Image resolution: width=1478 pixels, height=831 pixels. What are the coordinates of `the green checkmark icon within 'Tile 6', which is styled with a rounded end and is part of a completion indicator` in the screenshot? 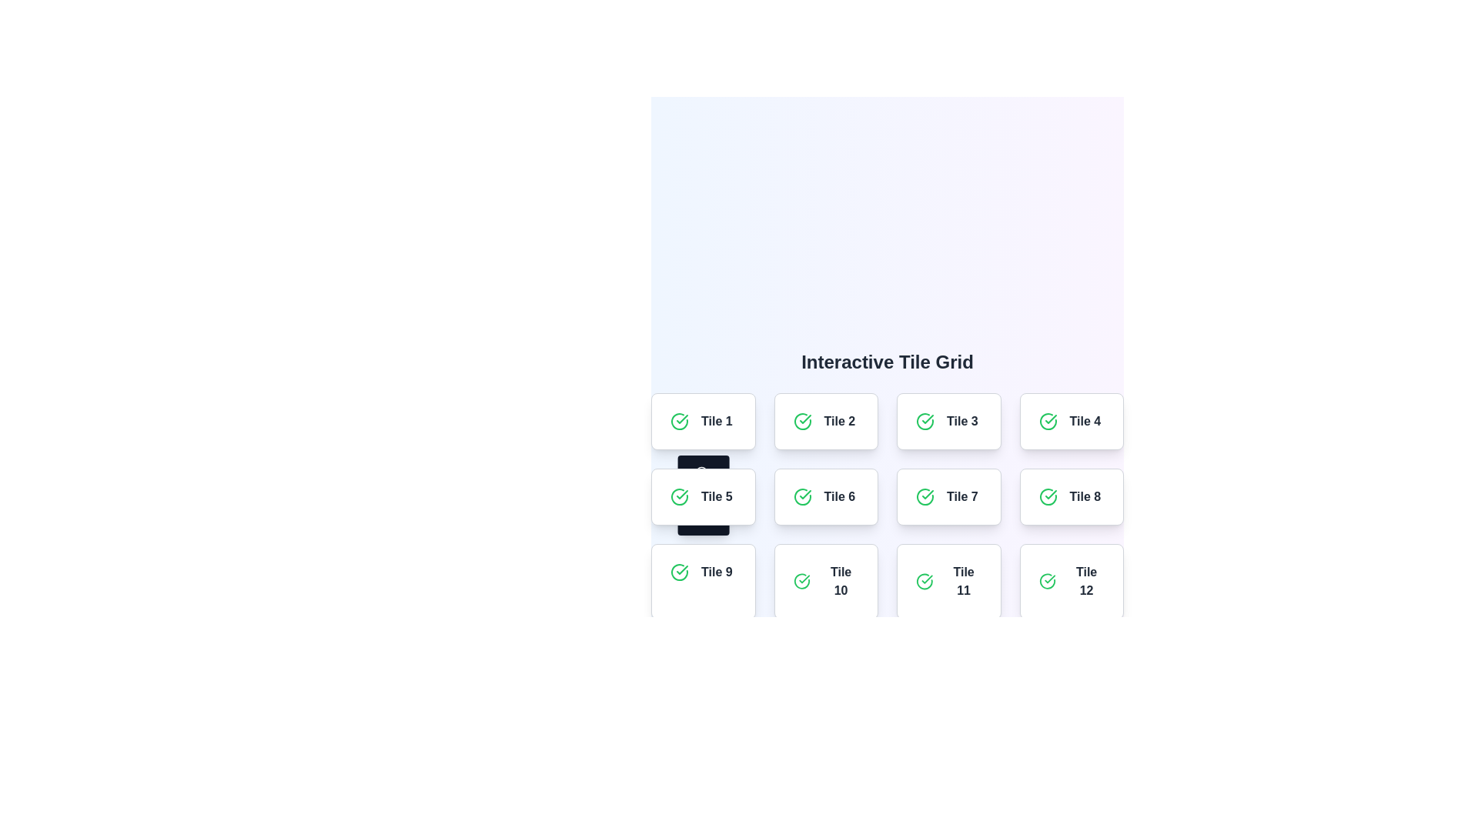 It's located at (804, 495).